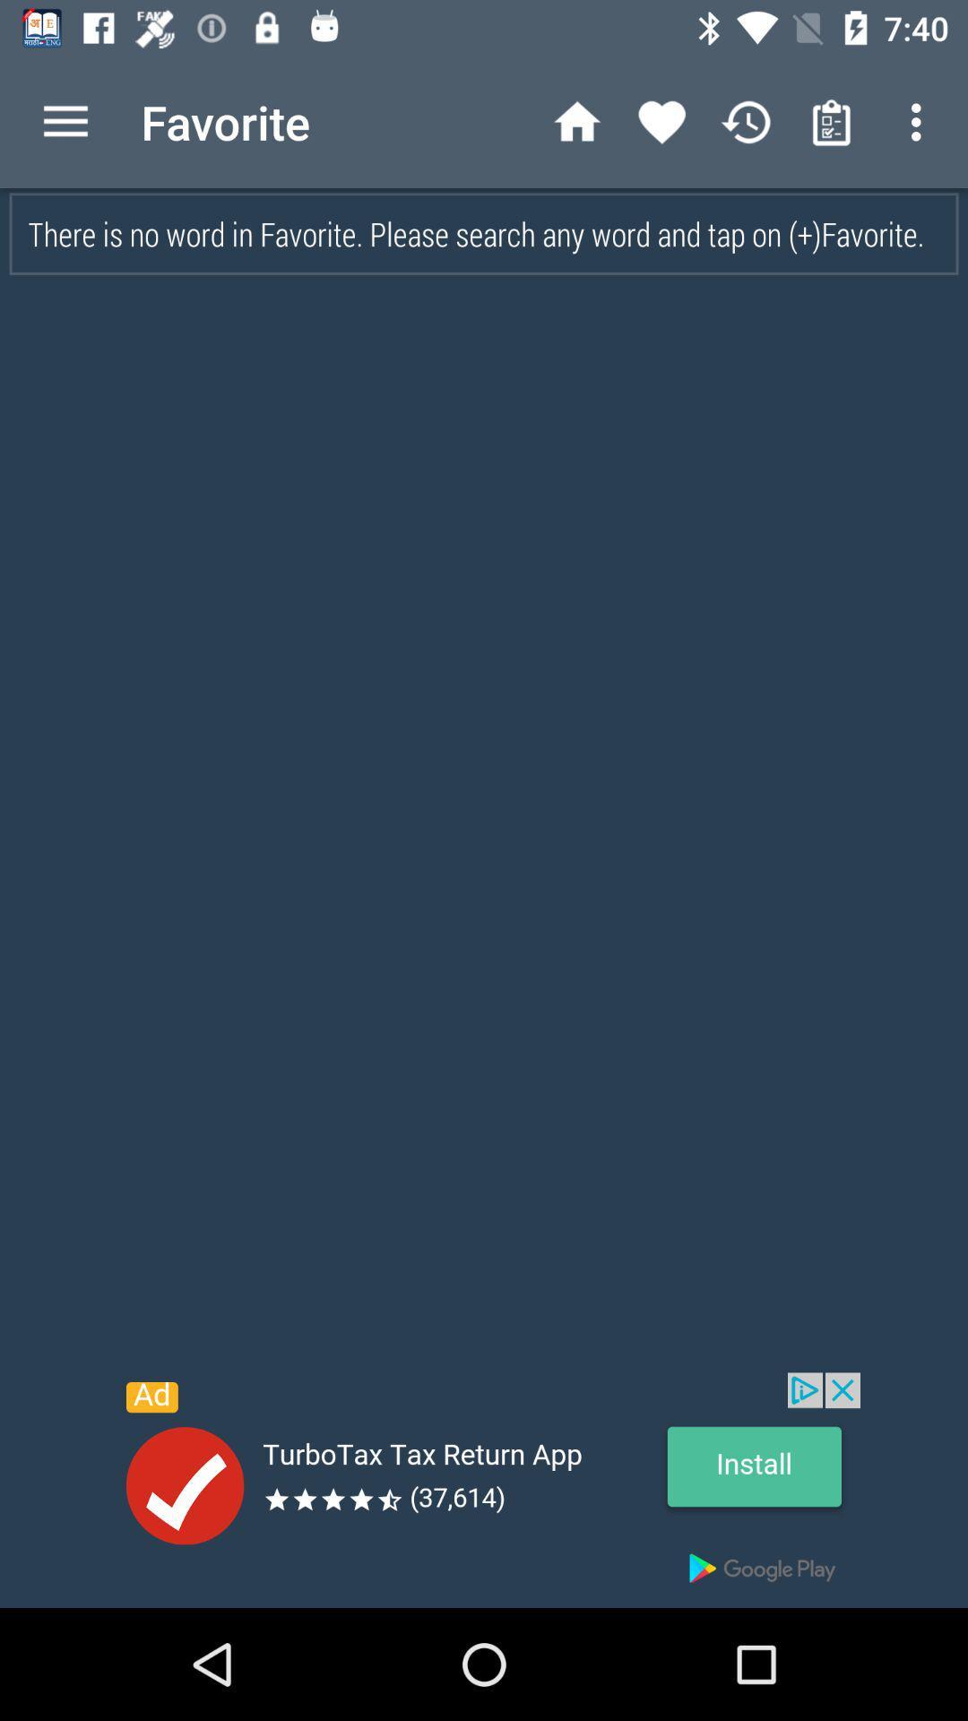  I want to click on advertisement, so click(484, 1490).